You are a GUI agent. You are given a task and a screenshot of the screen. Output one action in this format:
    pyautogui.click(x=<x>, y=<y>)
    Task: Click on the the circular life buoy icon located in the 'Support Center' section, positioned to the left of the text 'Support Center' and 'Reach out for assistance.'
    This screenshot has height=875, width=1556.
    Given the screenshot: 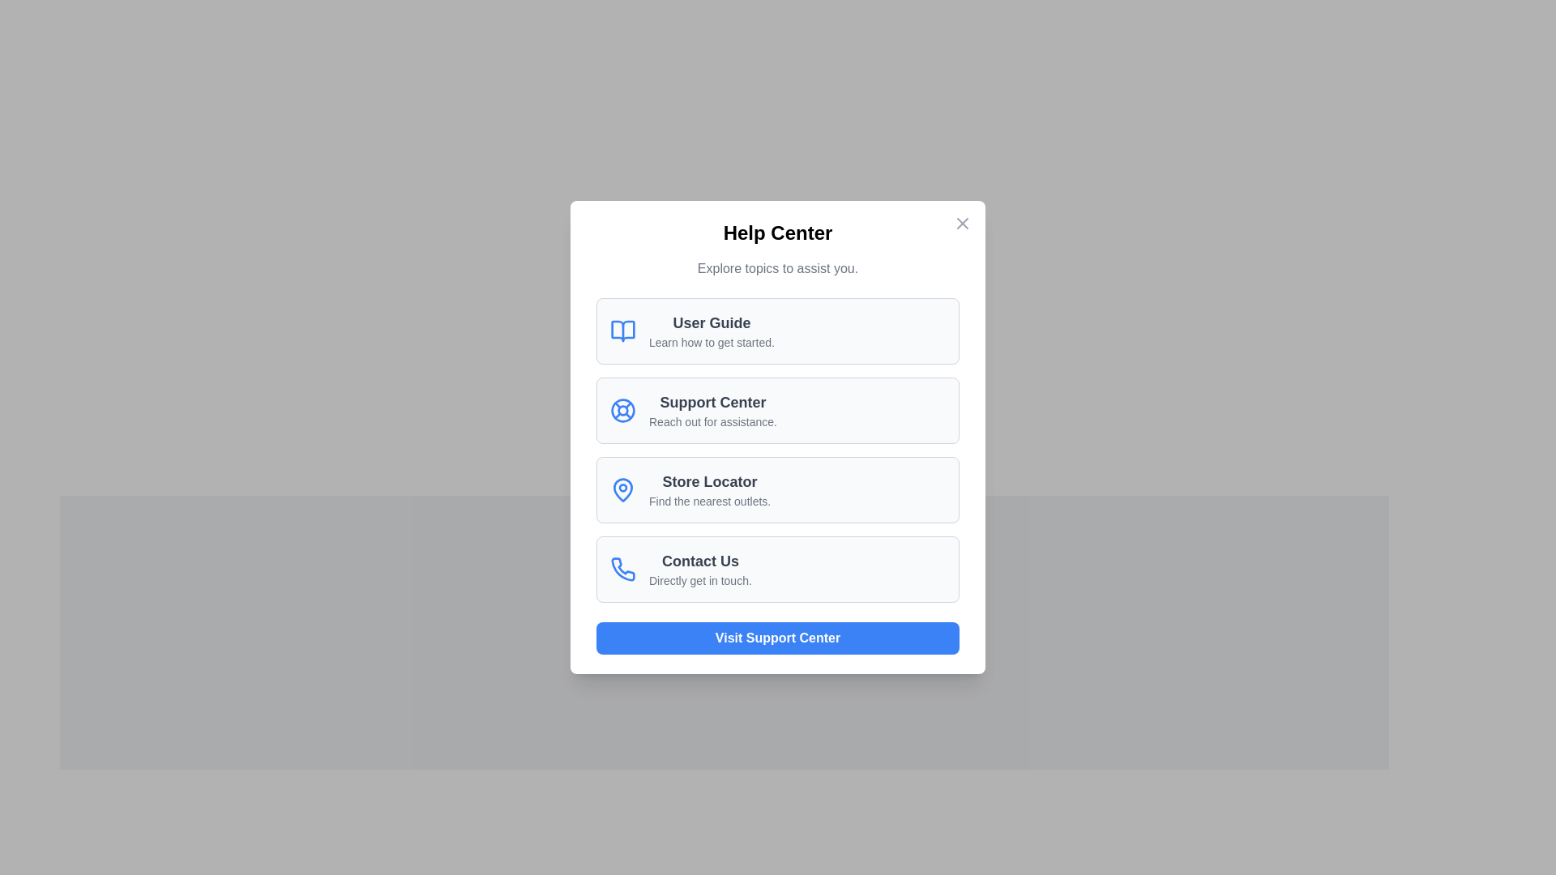 What is the action you would take?
    pyautogui.click(x=622, y=409)
    